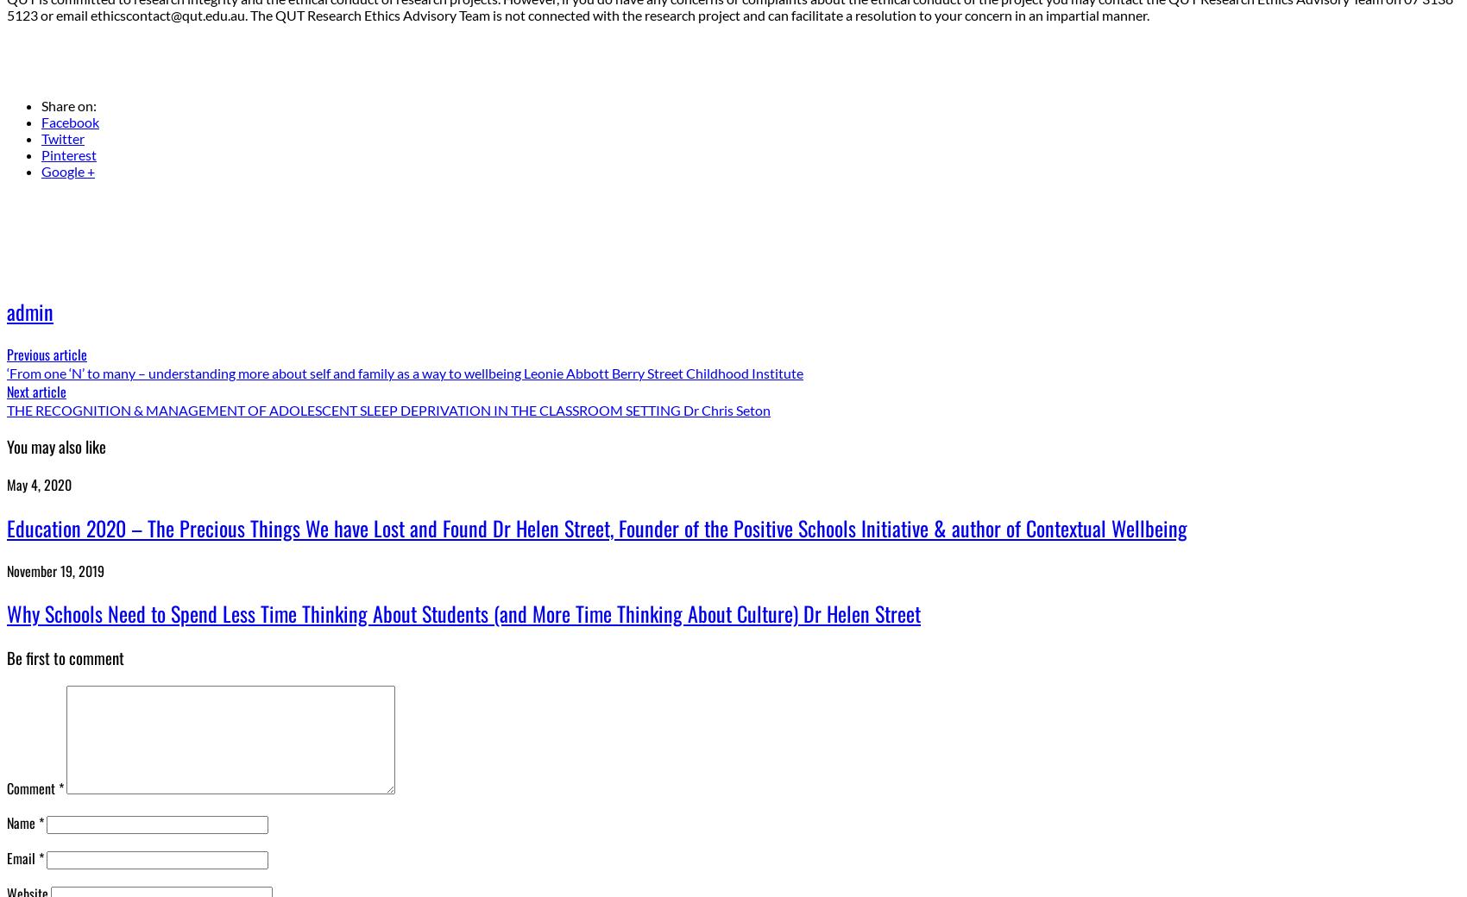  What do you see at coordinates (6, 857) in the screenshot?
I see `'Email'` at bounding box center [6, 857].